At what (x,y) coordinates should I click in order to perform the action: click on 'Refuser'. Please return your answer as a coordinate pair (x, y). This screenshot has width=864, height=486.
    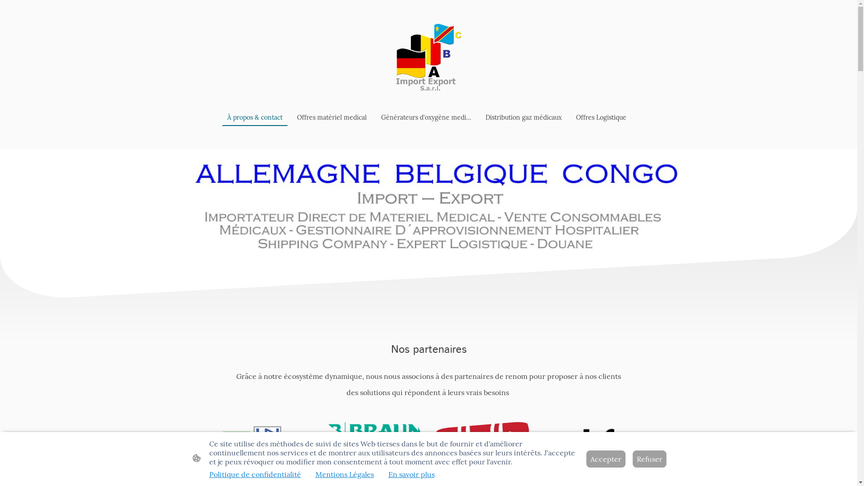
    Looking at the image, I should click on (649, 459).